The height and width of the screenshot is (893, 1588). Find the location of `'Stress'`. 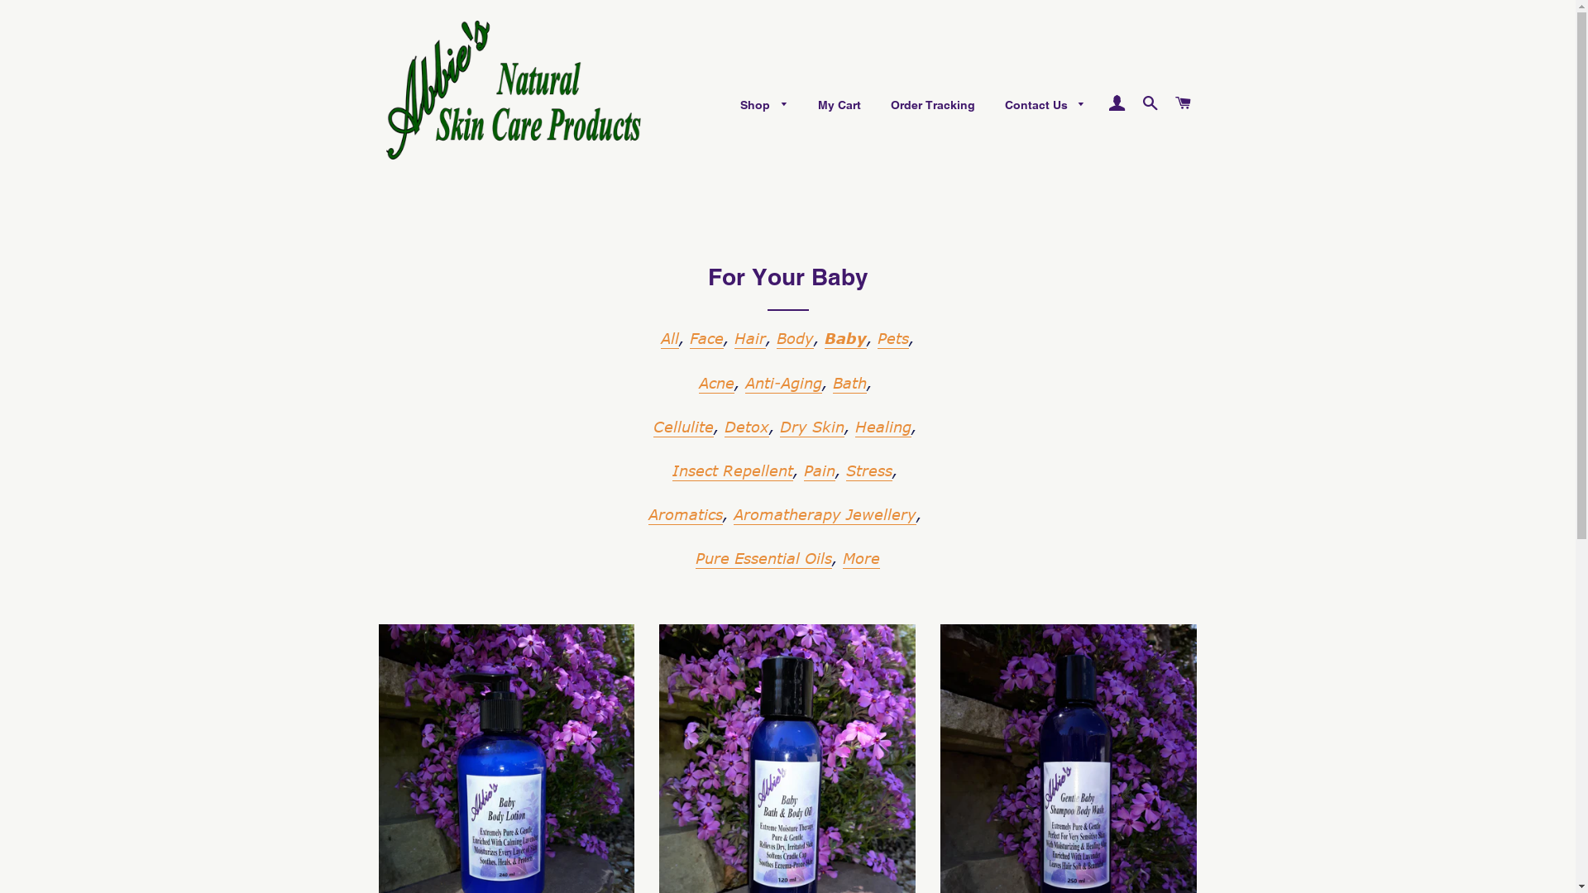

'Stress' is located at coordinates (868, 471).